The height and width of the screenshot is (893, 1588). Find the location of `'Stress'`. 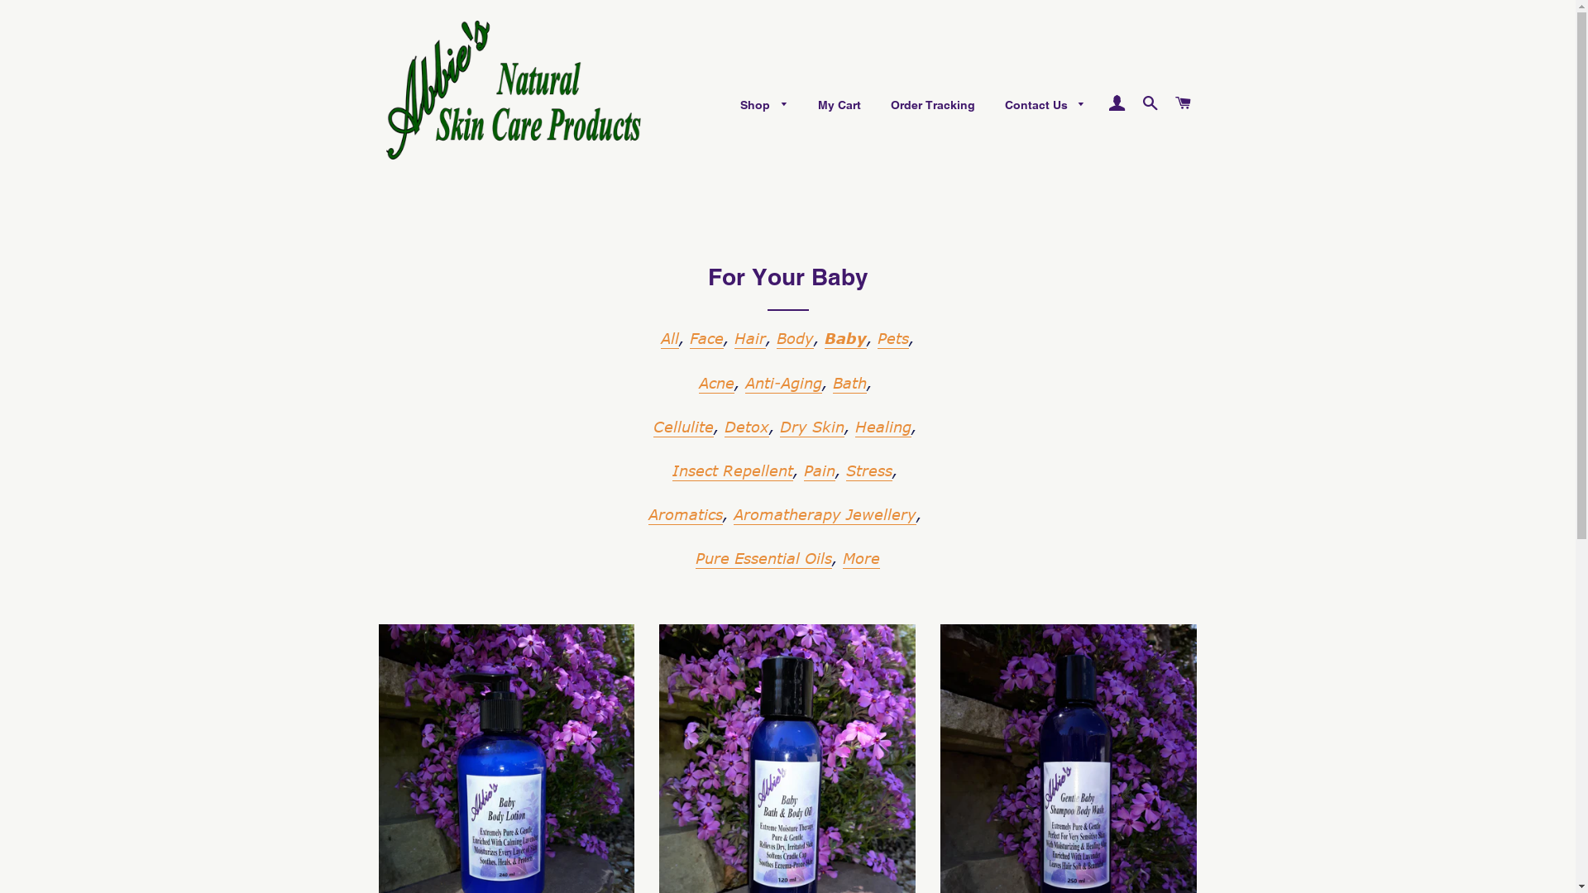

'Stress' is located at coordinates (868, 471).